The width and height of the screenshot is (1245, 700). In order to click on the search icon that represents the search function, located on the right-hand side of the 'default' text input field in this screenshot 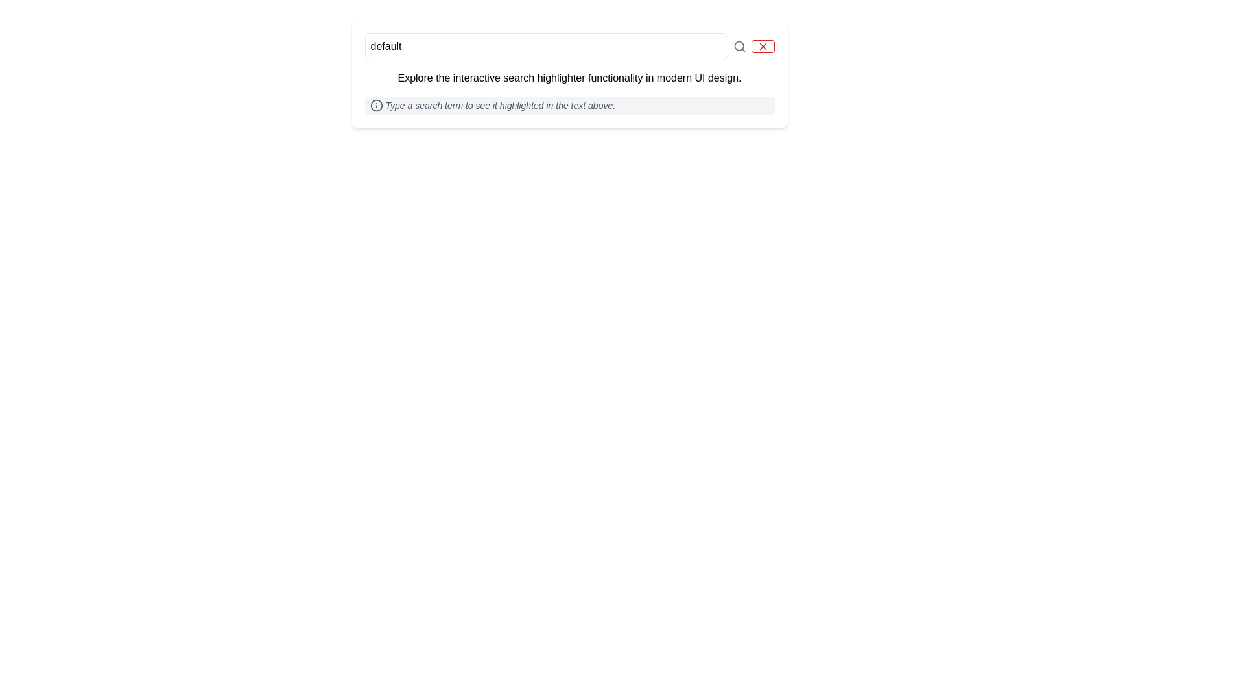, I will do `click(739, 46)`.